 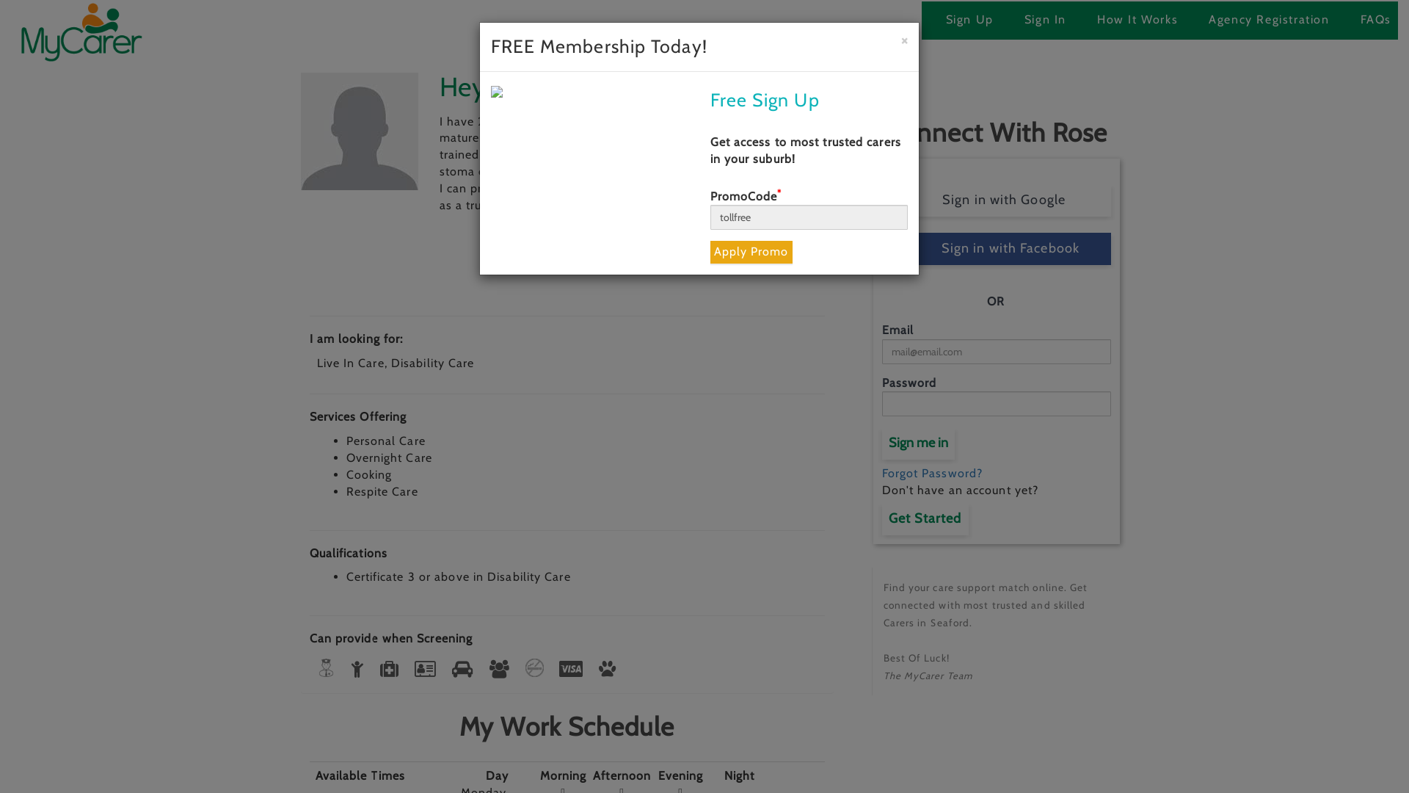 What do you see at coordinates (997, 248) in the screenshot?
I see `'Sign in with Facebook'` at bounding box center [997, 248].